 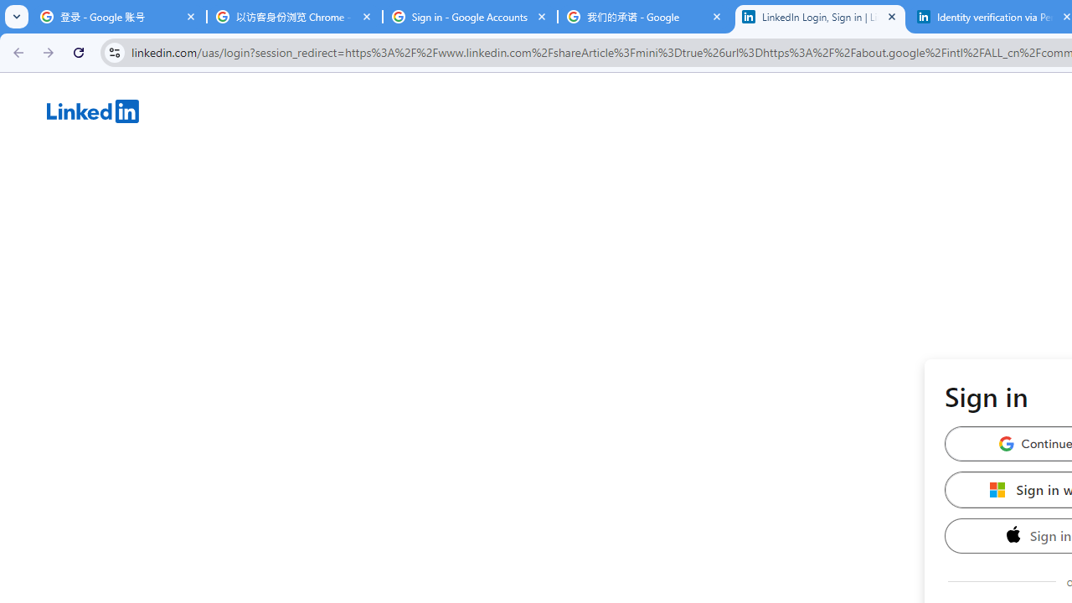 What do you see at coordinates (92, 111) in the screenshot?
I see `'AutomationID: linkedin-logo'` at bounding box center [92, 111].